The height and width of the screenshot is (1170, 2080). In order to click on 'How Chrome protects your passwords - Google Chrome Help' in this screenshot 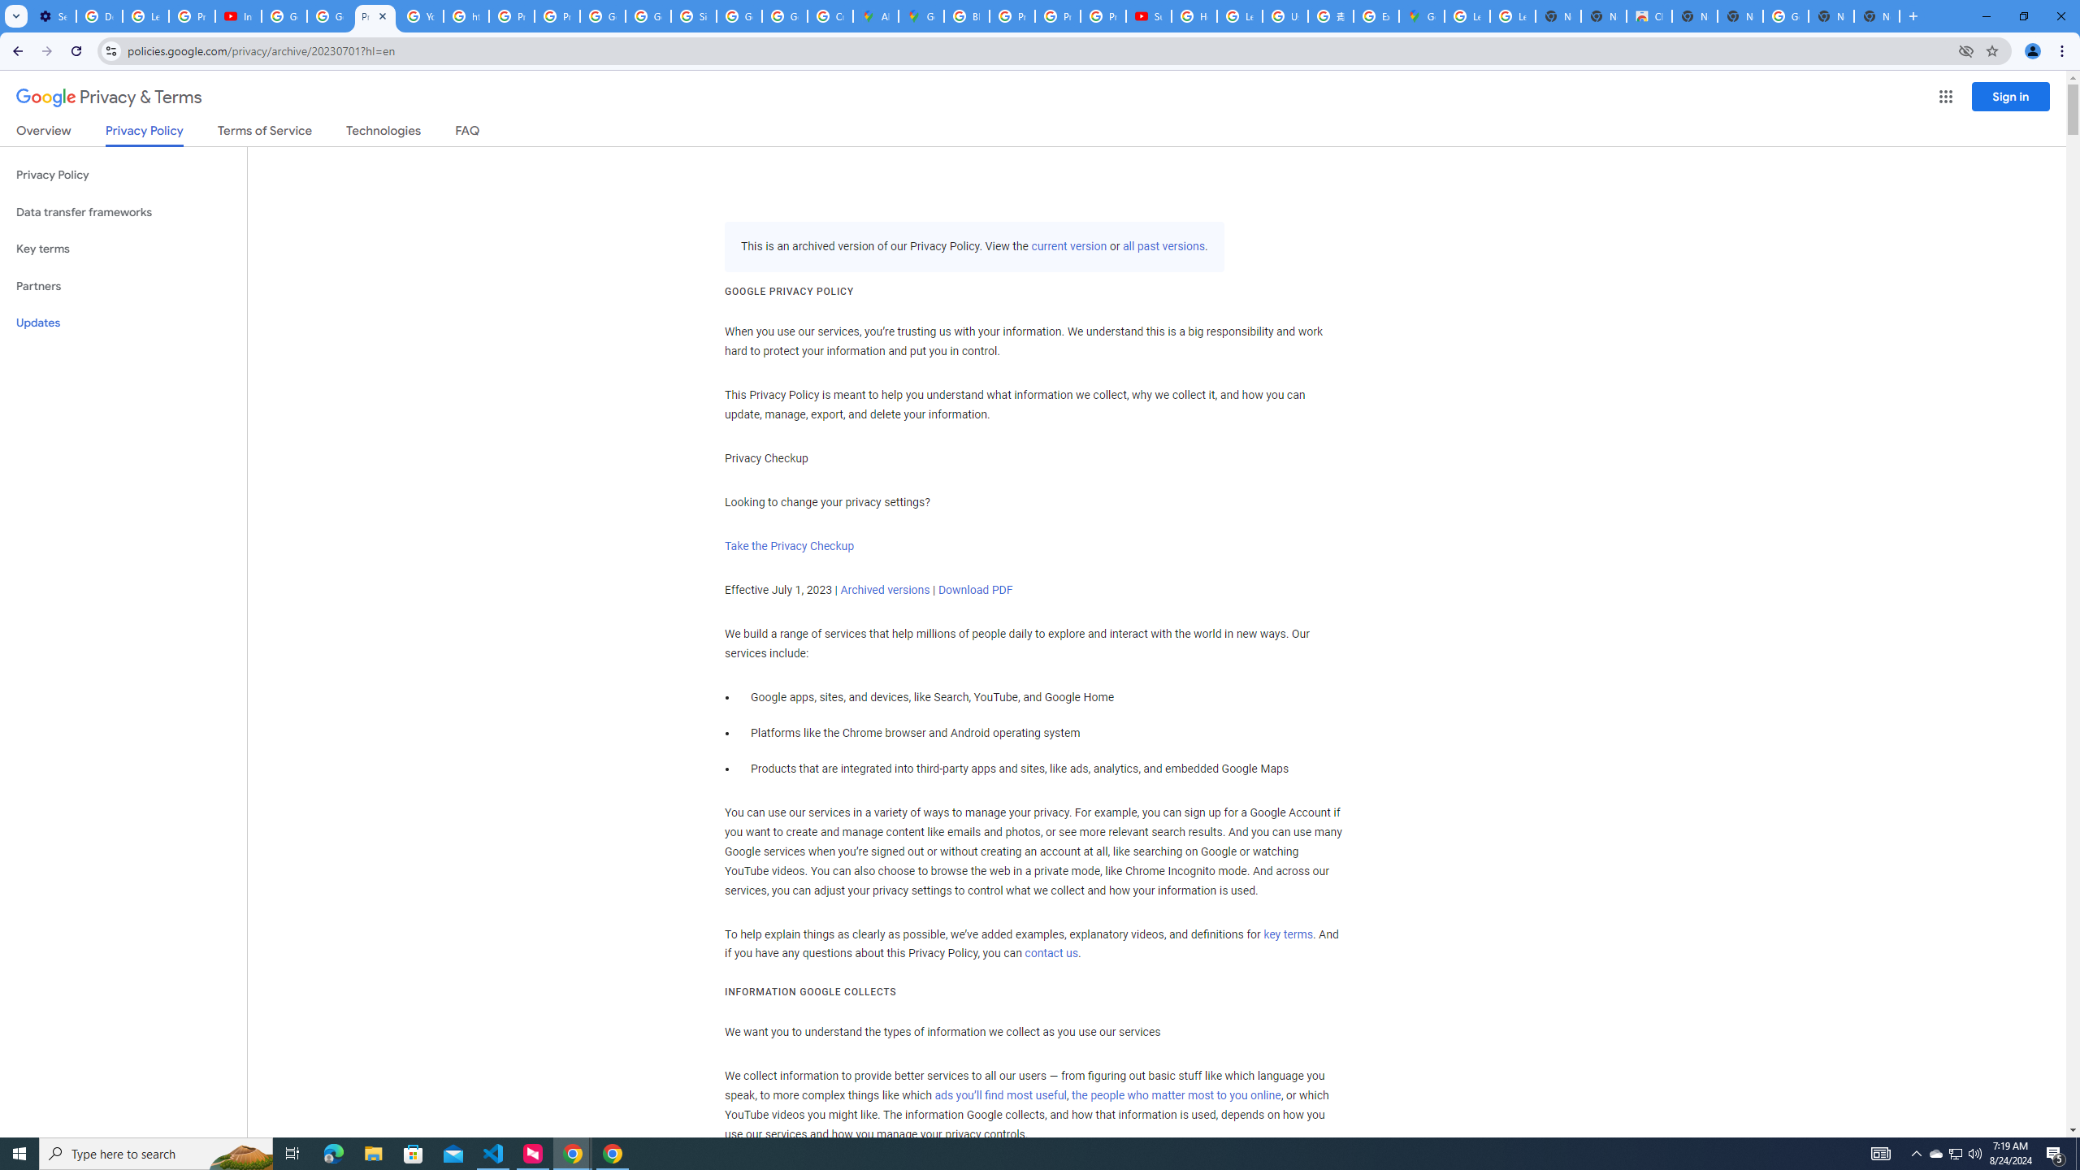, I will do `click(1194, 15)`.